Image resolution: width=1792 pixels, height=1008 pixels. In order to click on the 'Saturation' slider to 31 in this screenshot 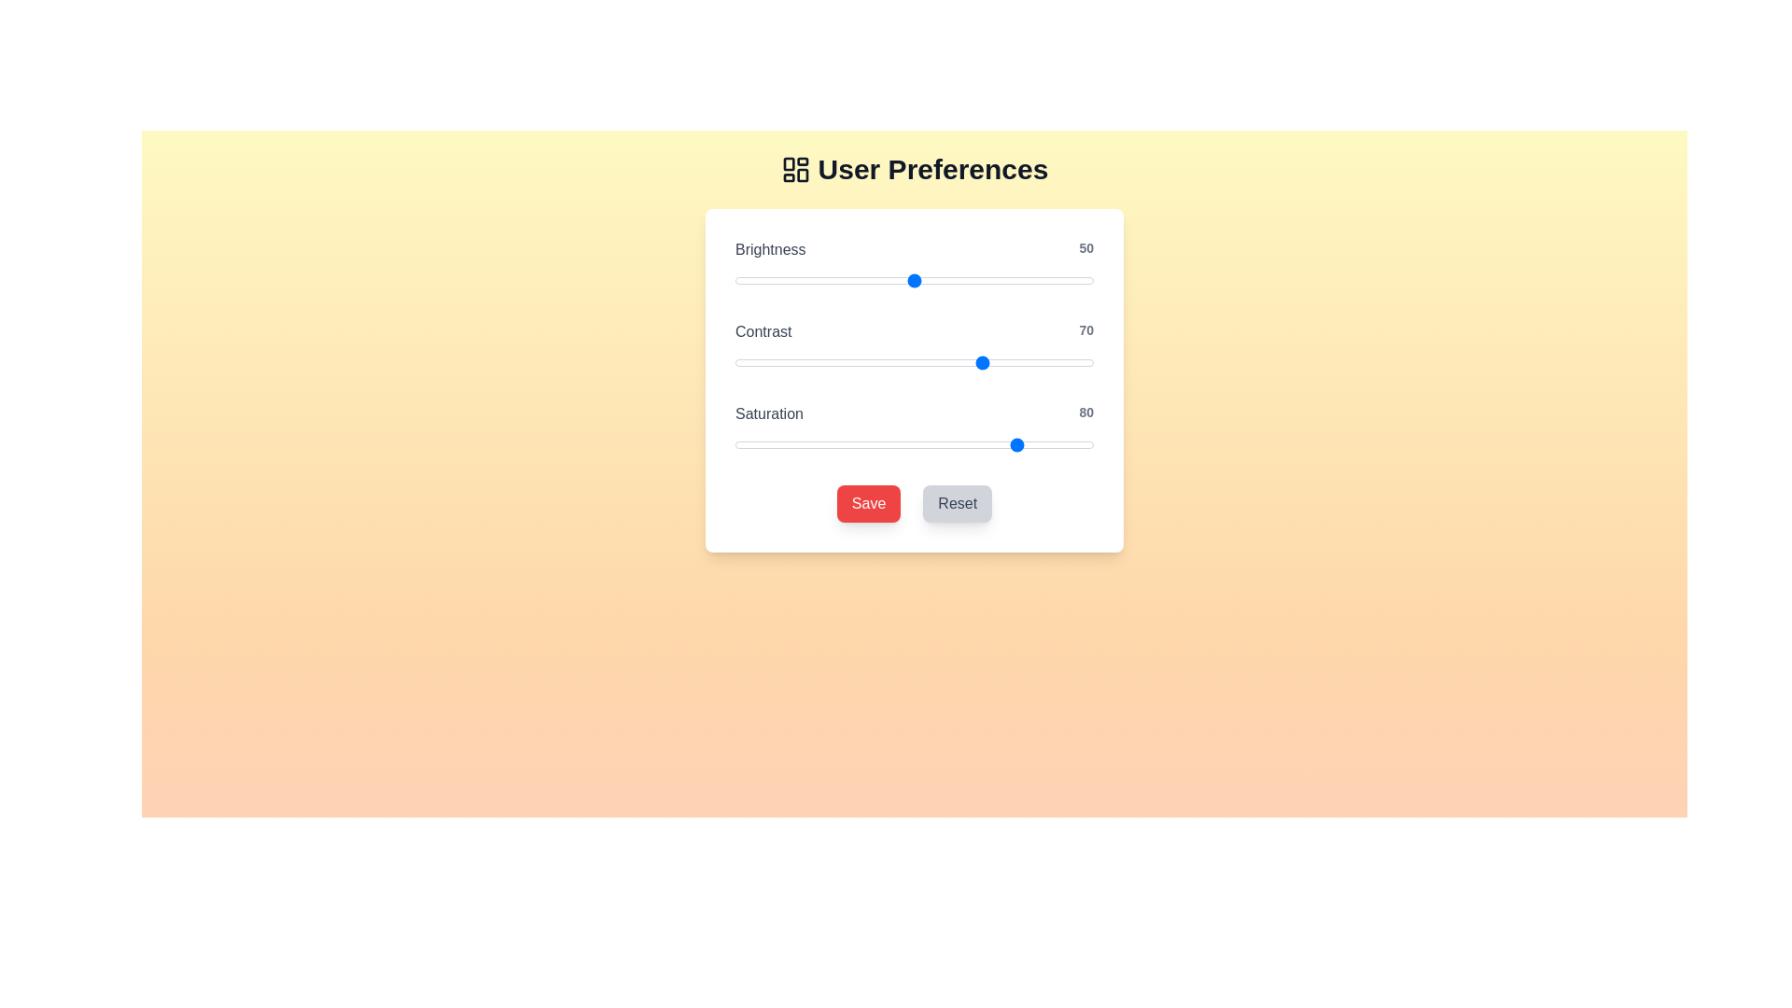, I will do `click(846, 445)`.